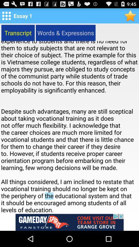  Describe the element at coordinates (6, 17) in the screenshot. I see `the dialpad icon` at that location.